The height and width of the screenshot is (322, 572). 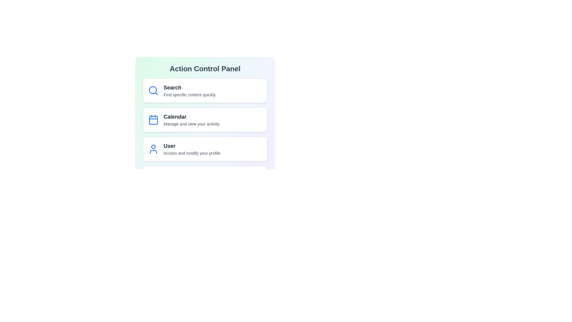 I want to click on the user profile icon represented by the upper circular component of the graphic SVG icon in the sidebar menu, so click(x=153, y=147).